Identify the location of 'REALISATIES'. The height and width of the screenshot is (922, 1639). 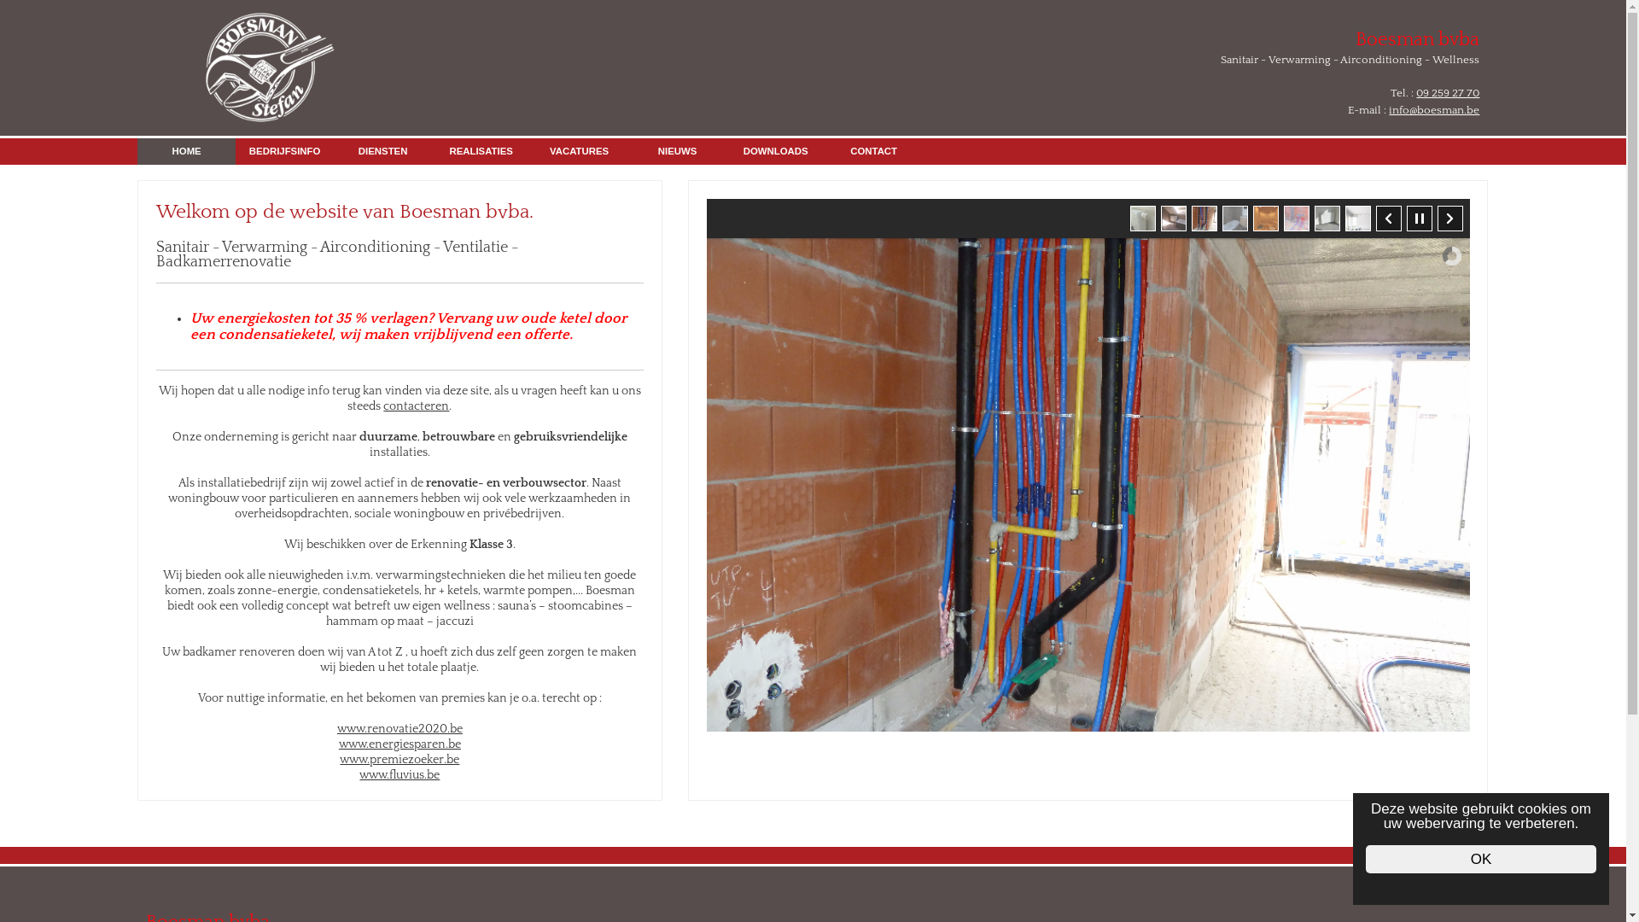
(431, 150).